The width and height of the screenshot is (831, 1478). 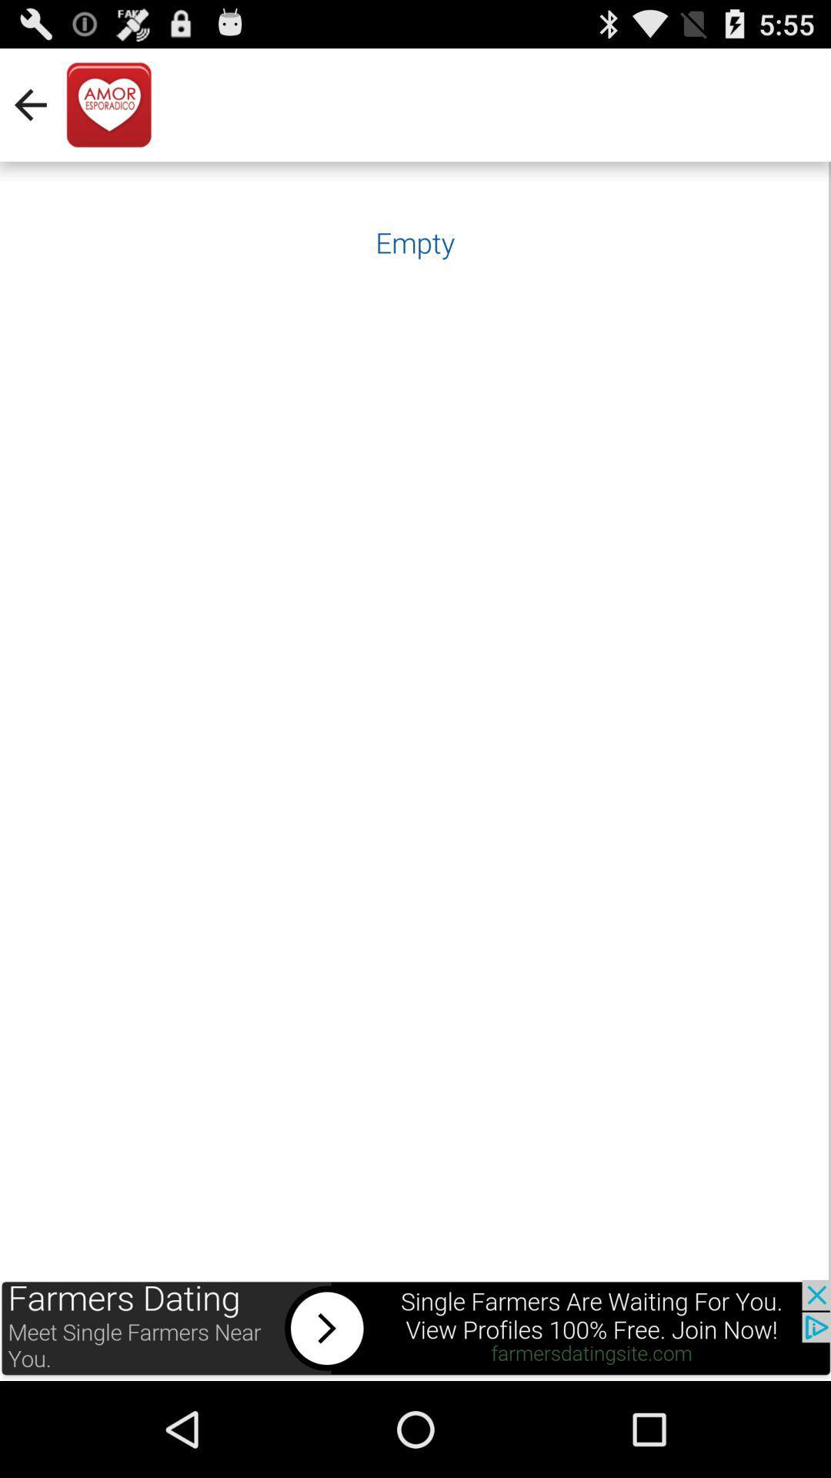 What do you see at coordinates (415, 1329) in the screenshot?
I see `next` at bounding box center [415, 1329].